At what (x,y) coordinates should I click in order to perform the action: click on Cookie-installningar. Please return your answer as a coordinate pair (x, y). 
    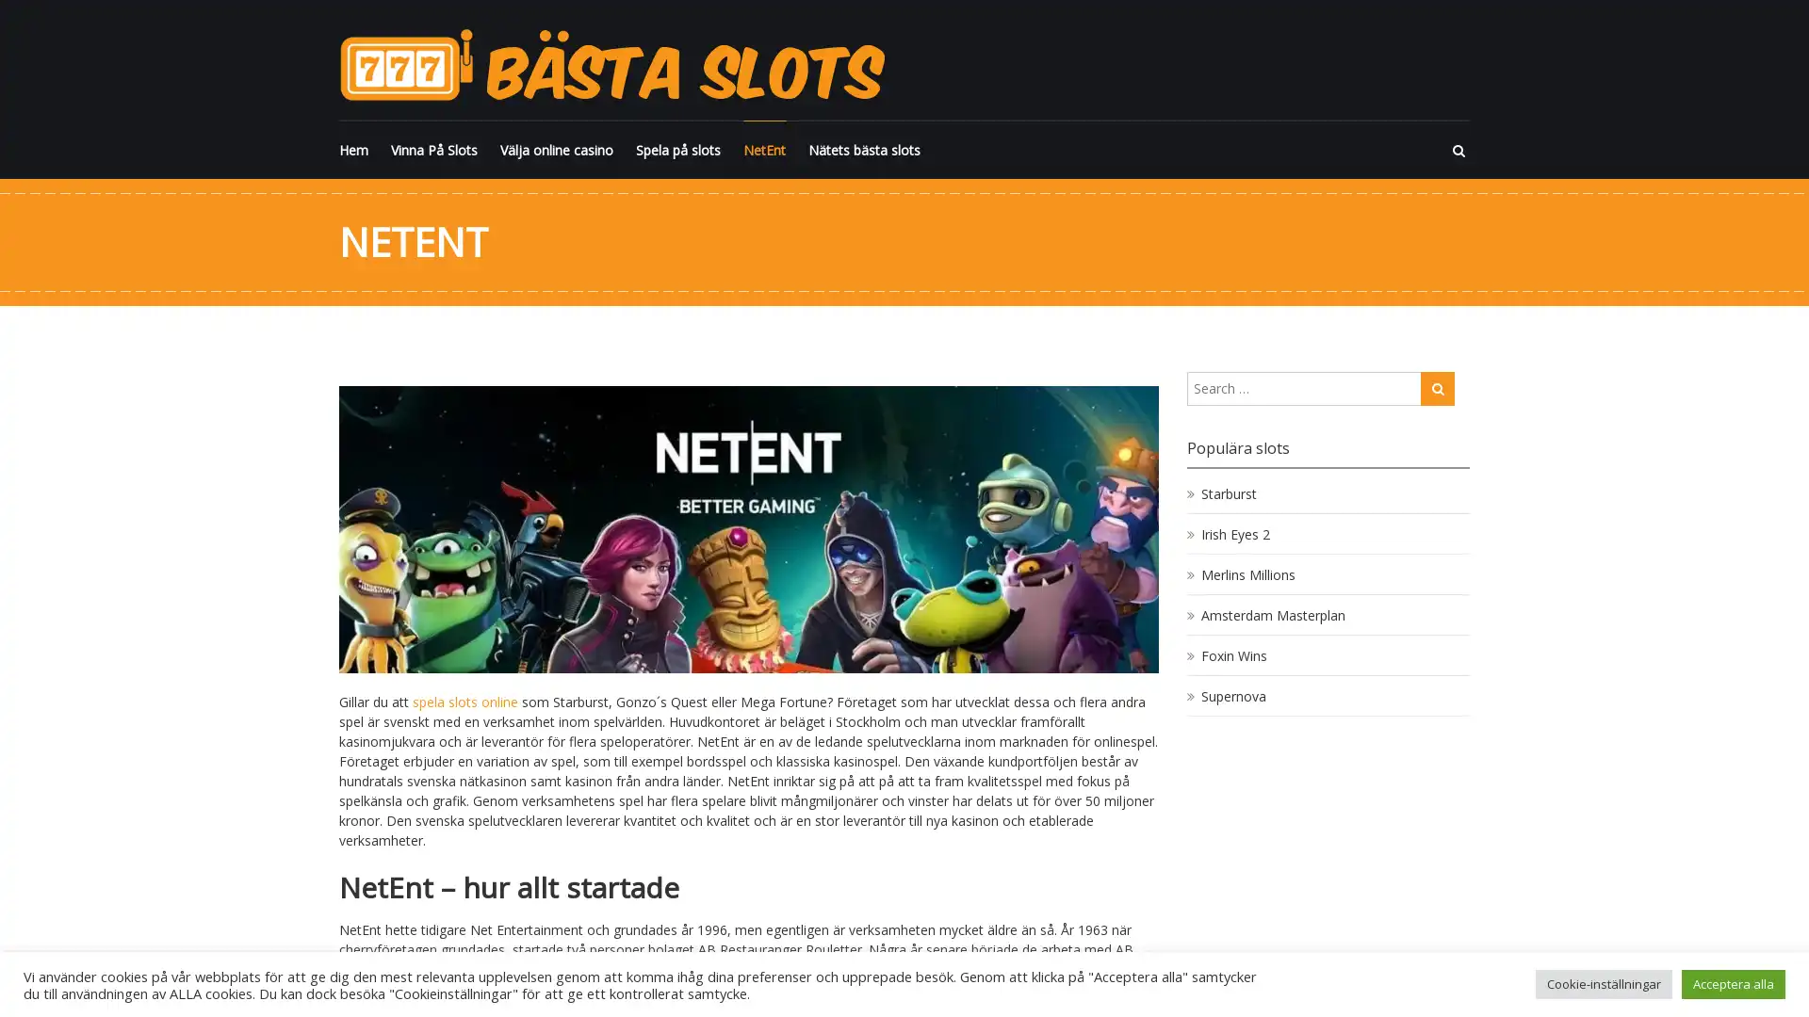
    Looking at the image, I should click on (1603, 983).